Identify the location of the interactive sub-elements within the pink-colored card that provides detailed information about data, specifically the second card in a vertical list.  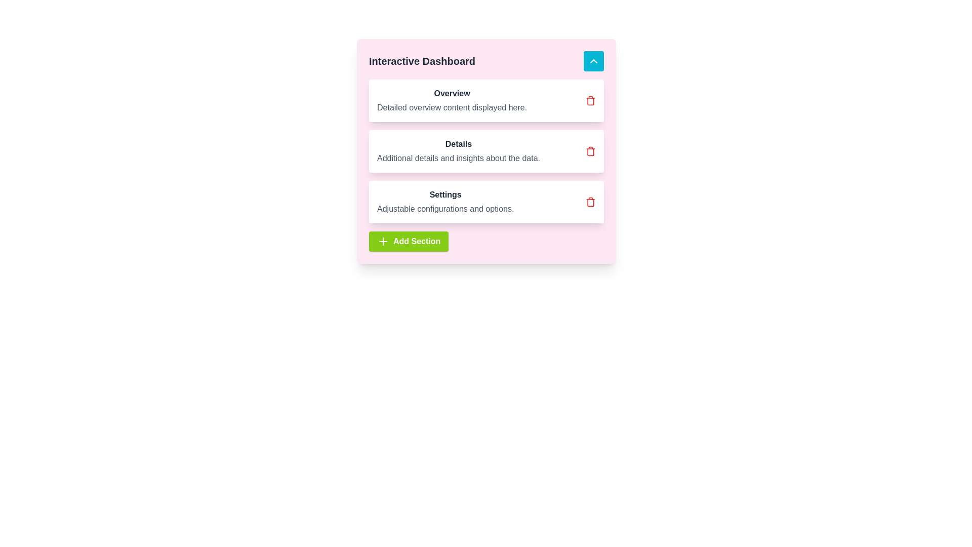
(486, 151).